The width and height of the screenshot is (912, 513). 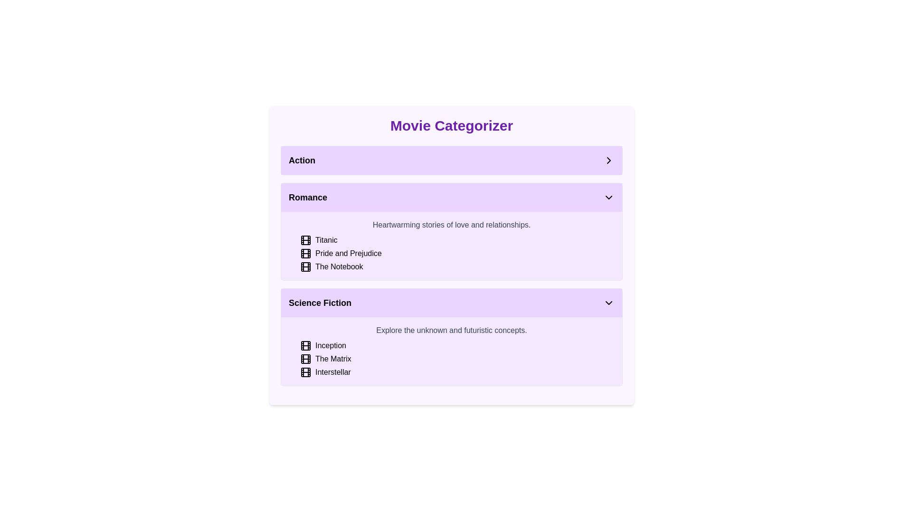 What do you see at coordinates (305, 267) in the screenshot?
I see `the graphical SVG component representing the movie reel icon for 'The Notebook' in the Romance genre section` at bounding box center [305, 267].